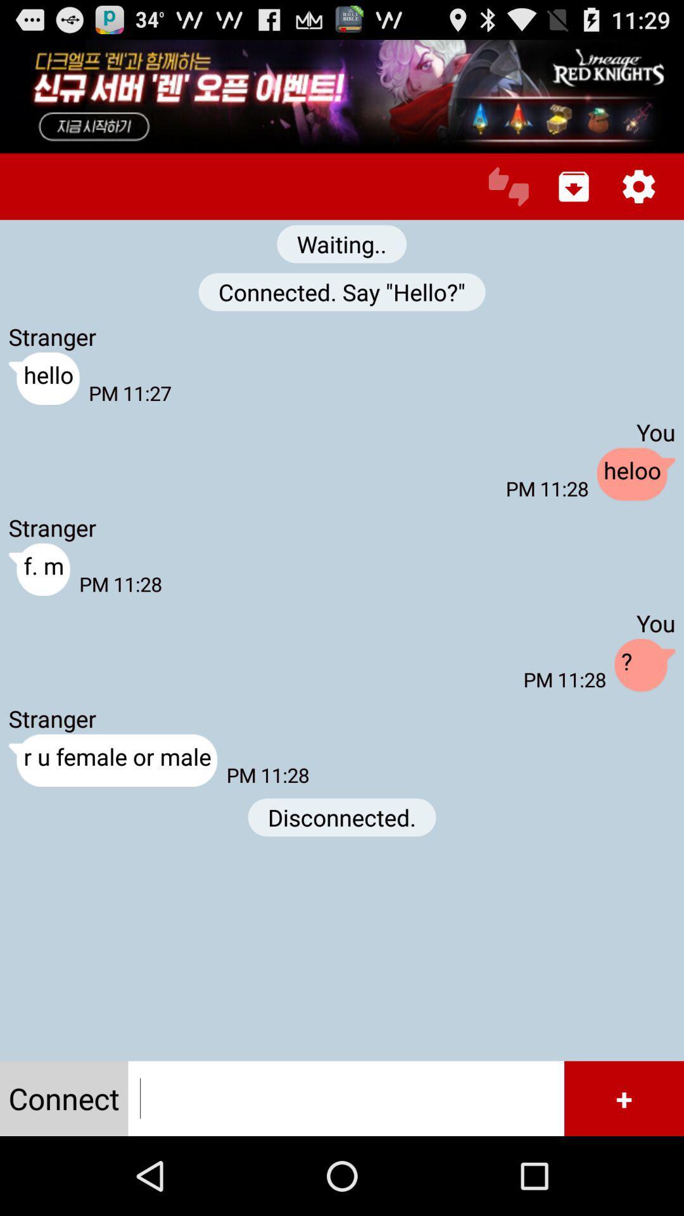 Image resolution: width=684 pixels, height=1216 pixels. I want to click on item below r u female icon, so click(64, 1098).